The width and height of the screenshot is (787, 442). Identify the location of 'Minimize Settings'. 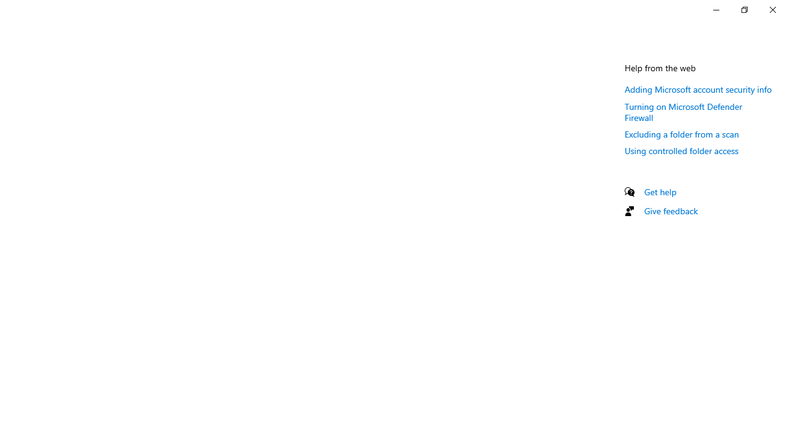
(716, 9).